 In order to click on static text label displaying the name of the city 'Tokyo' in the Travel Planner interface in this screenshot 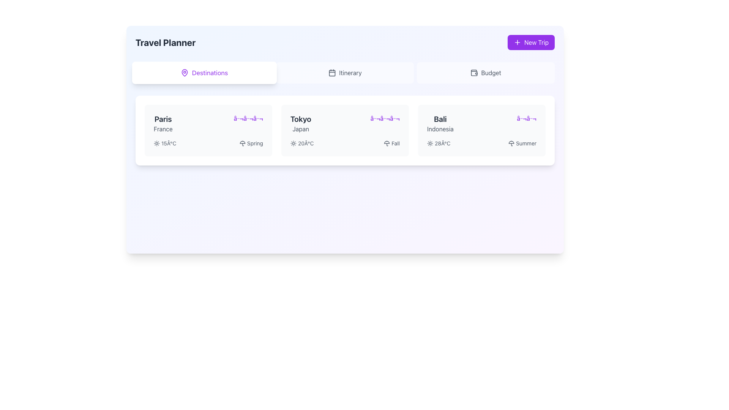, I will do `click(300, 119)`.